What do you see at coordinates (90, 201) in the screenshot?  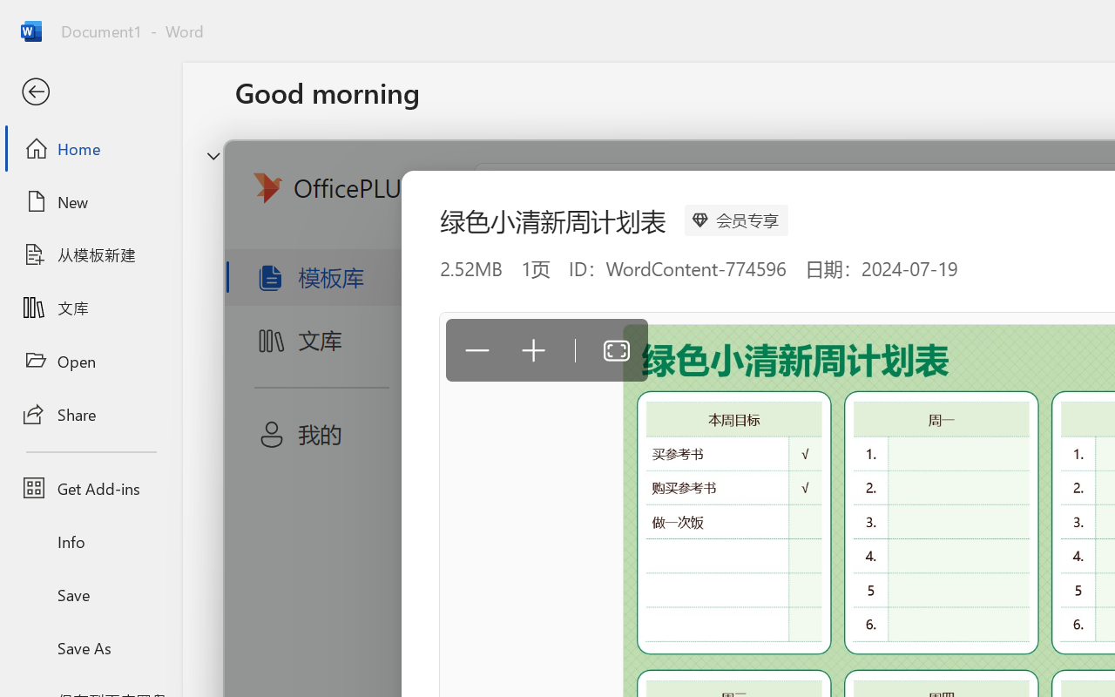 I see `'New'` at bounding box center [90, 201].